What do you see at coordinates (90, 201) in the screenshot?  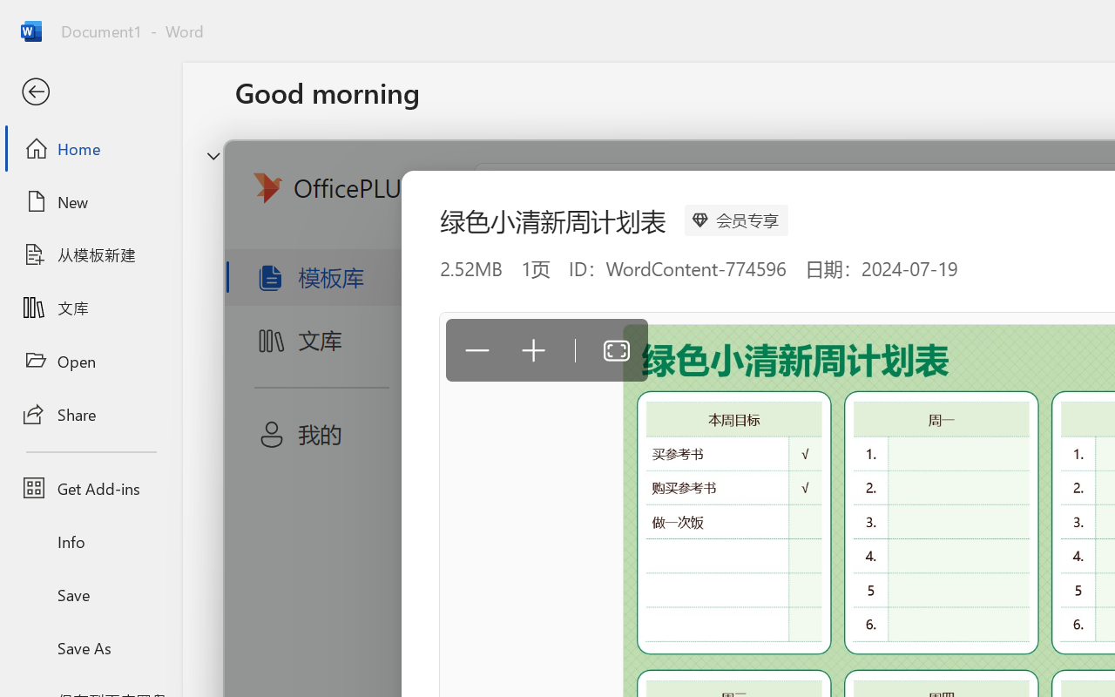 I see `'New'` at bounding box center [90, 201].